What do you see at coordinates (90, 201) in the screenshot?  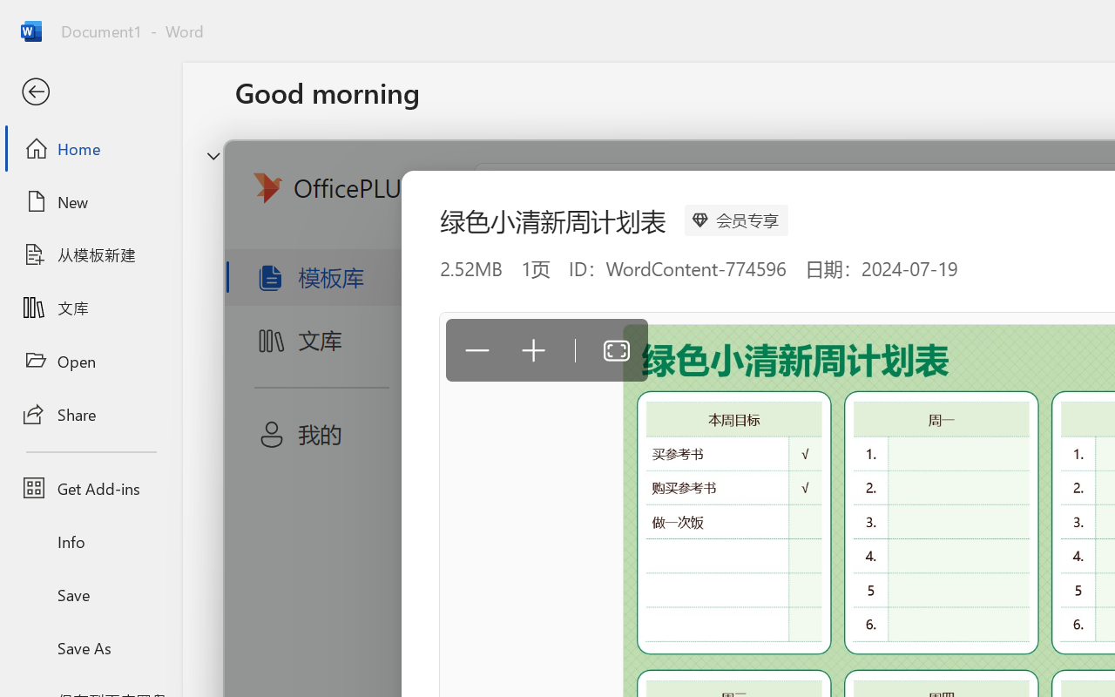 I see `'New'` at bounding box center [90, 201].